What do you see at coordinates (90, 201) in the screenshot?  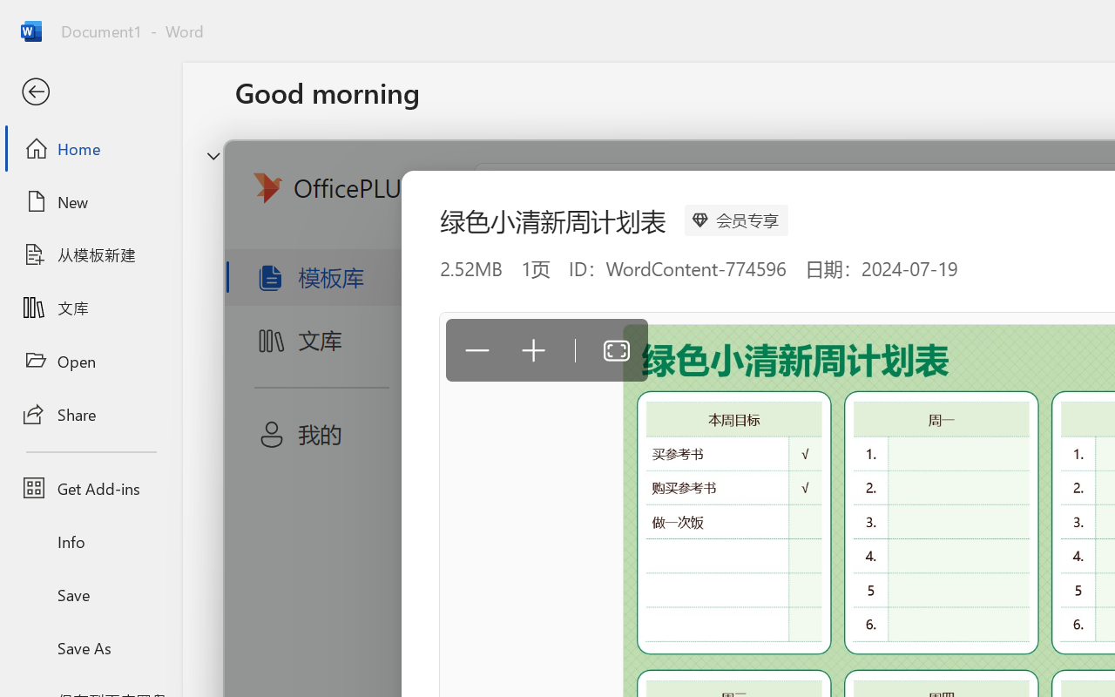 I see `'New'` at bounding box center [90, 201].